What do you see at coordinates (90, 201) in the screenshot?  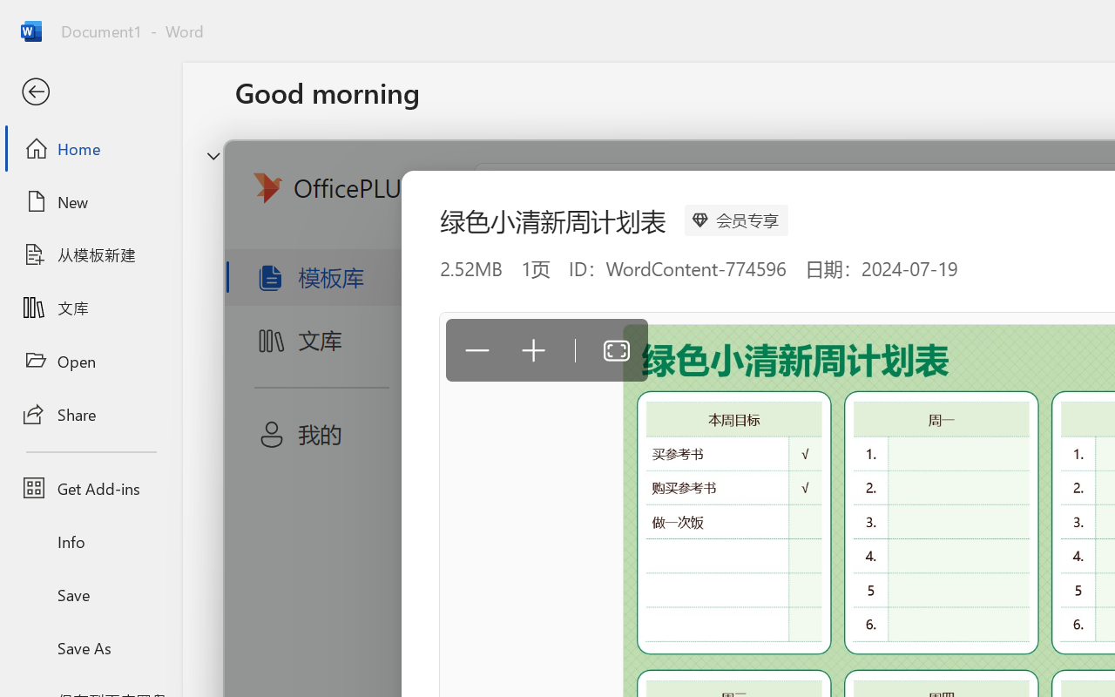 I see `'New'` at bounding box center [90, 201].